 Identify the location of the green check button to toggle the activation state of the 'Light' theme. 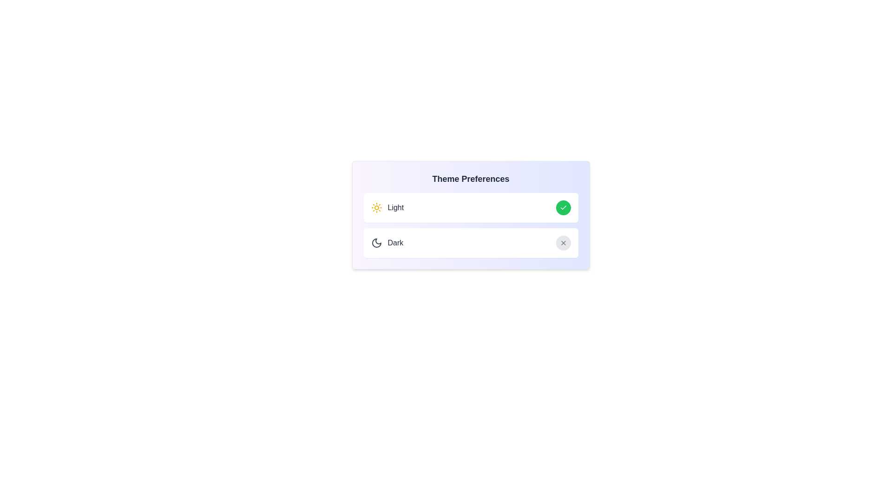
(563, 207).